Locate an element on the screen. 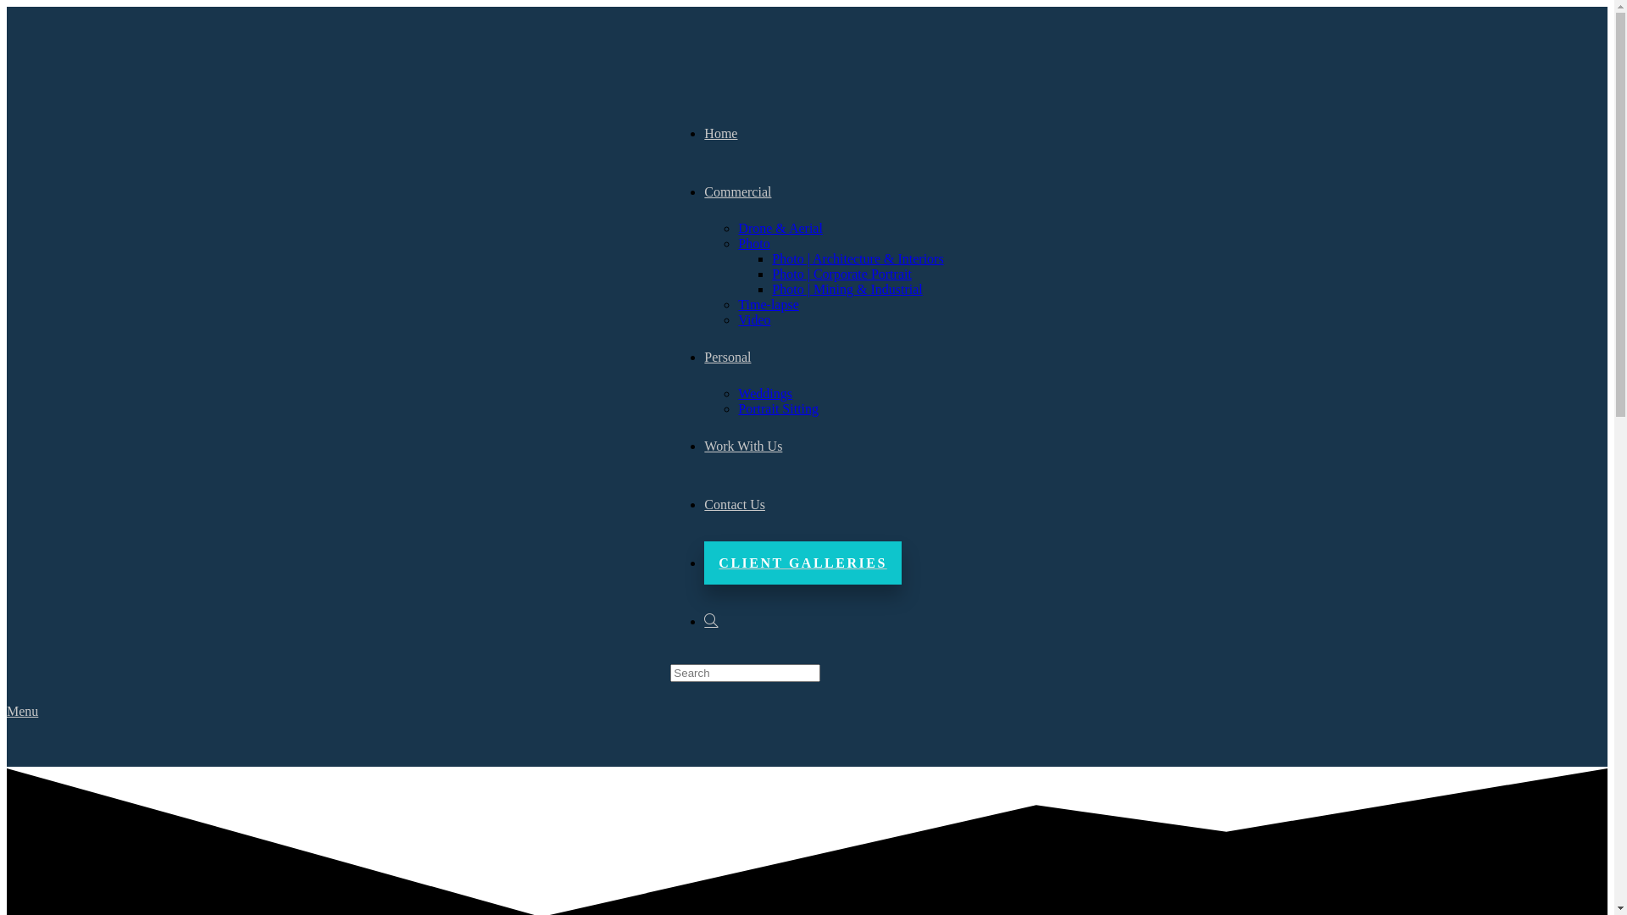 This screenshot has height=915, width=1627. 'Work With Us' is located at coordinates (743, 445).